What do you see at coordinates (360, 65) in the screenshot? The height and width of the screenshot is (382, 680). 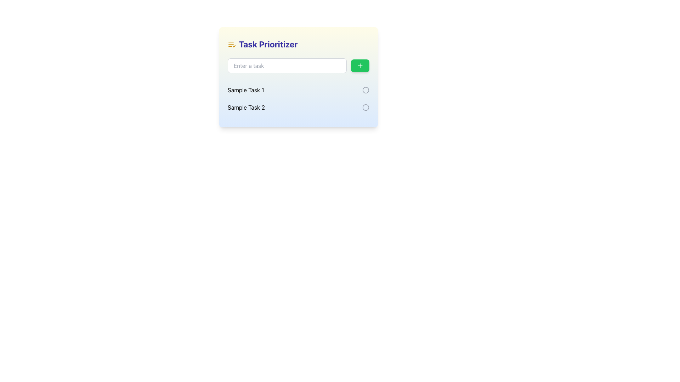 I see `the green icon button with a white plus sign located on the right side of the text input field in the task prioritizer interface` at bounding box center [360, 65].